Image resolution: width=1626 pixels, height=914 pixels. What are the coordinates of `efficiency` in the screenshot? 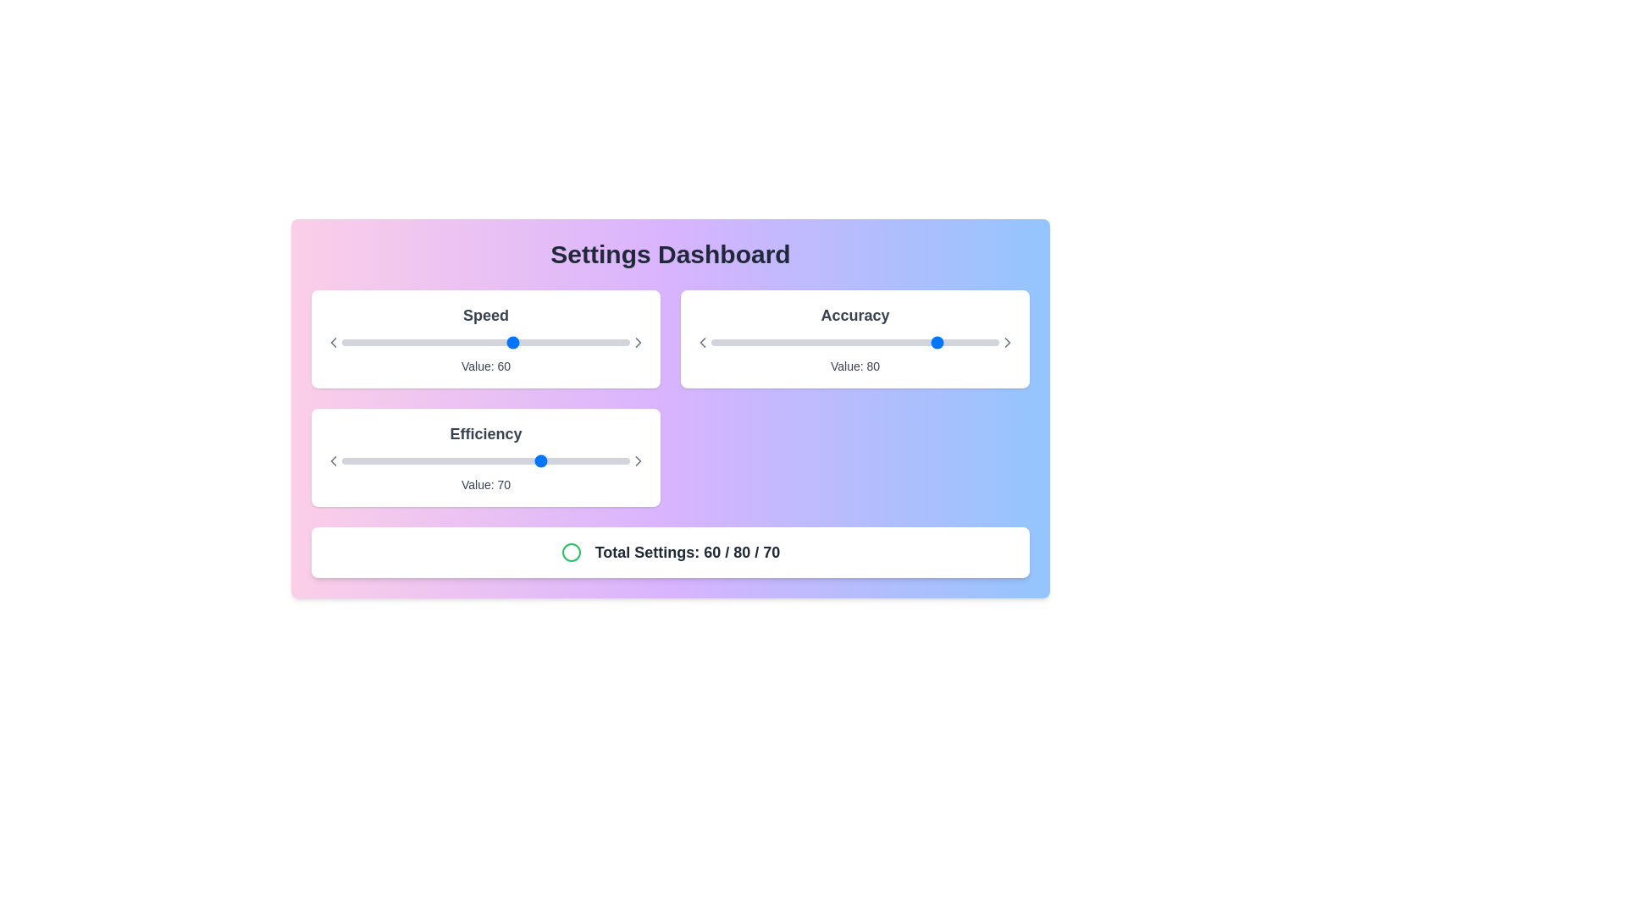 It's located at (379, 460).